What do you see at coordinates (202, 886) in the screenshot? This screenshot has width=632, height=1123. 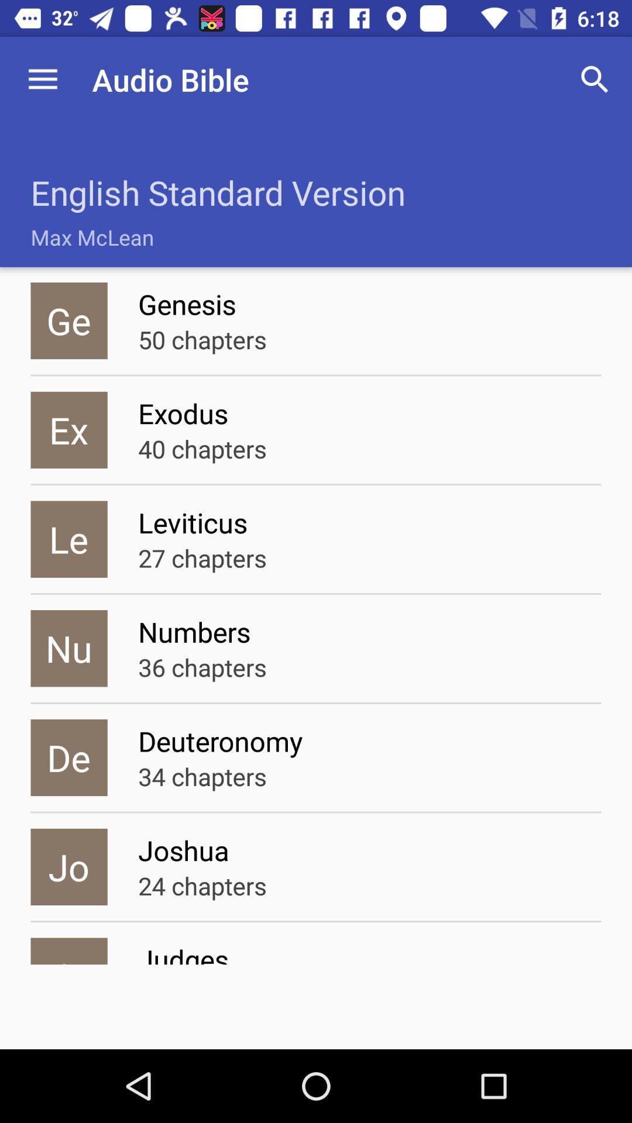 I see `the item to the right of jo` at bounding box center [202, 886].